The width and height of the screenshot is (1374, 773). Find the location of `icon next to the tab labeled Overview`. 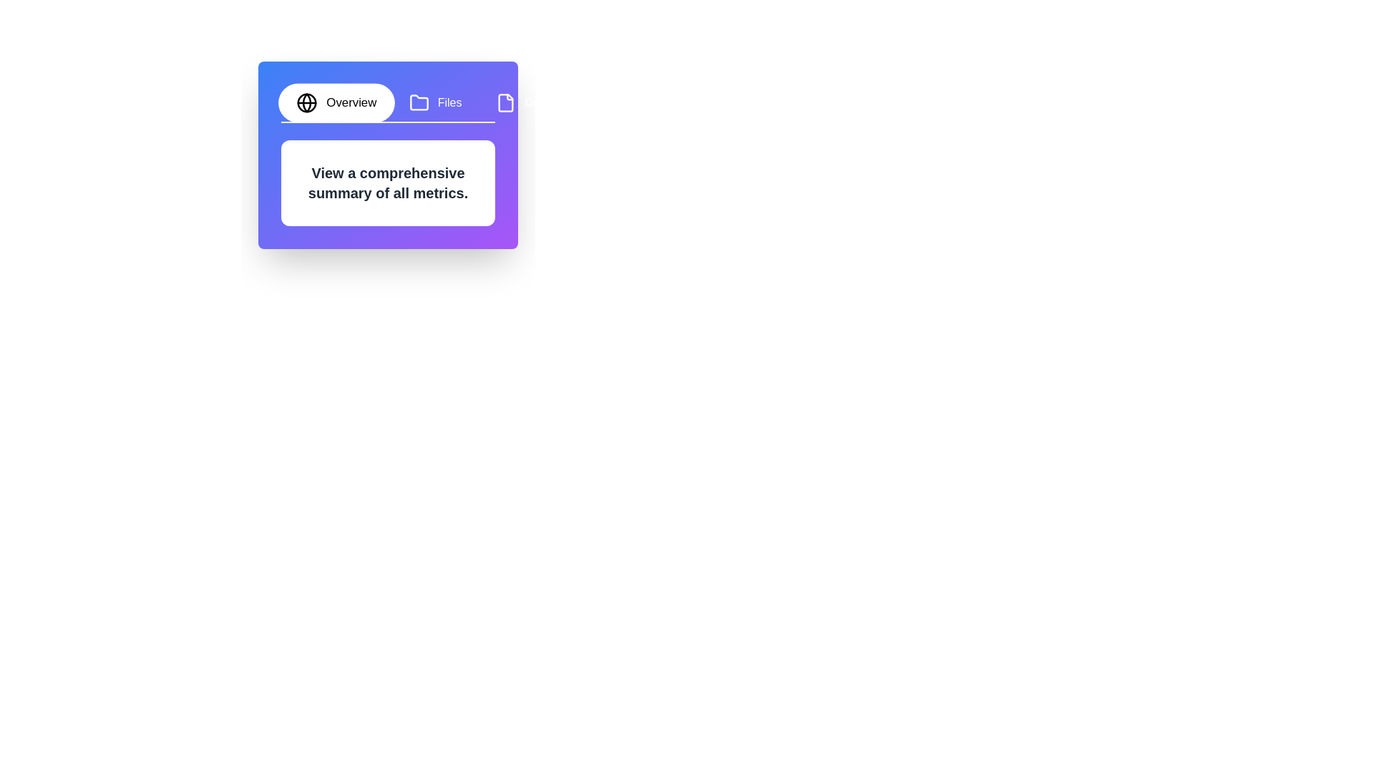

icon next to the tab labeled Overview is located at coordinates (306, 102).